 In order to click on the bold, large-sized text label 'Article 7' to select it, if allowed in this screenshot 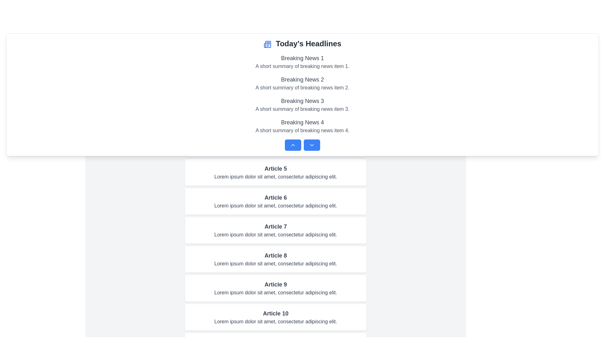, I will do `click(275, 227)`.